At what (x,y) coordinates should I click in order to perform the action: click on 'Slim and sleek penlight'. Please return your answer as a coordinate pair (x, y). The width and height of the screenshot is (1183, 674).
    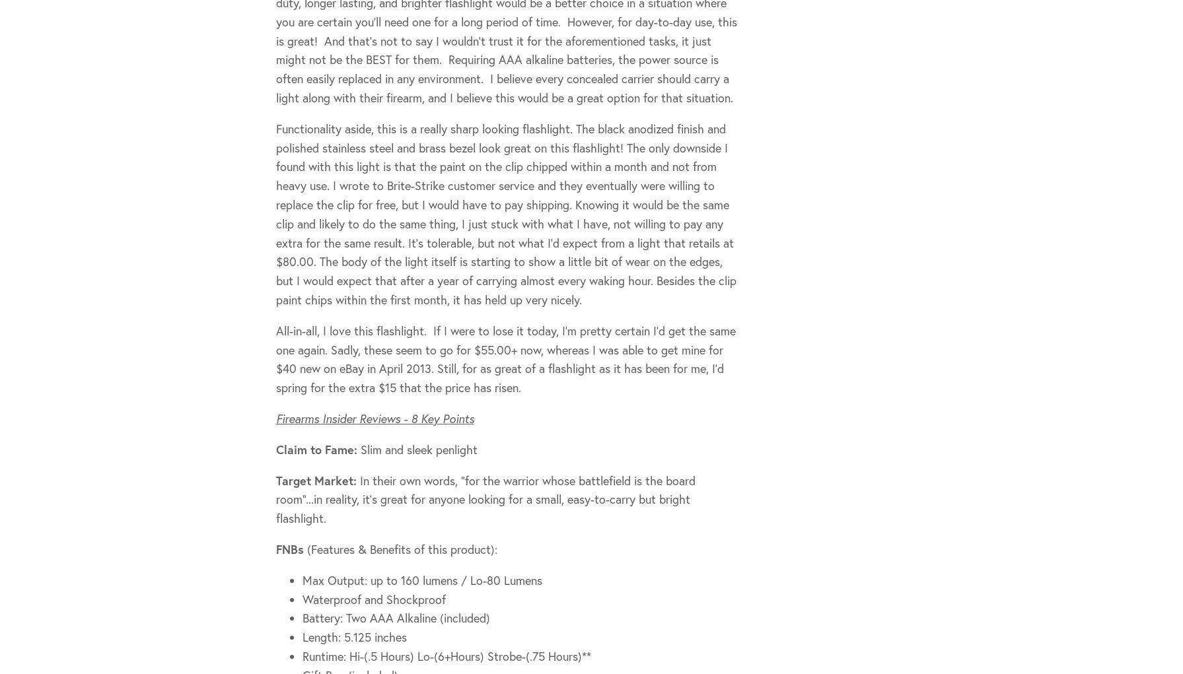
    Looking at the image, I should click on (360, 448).